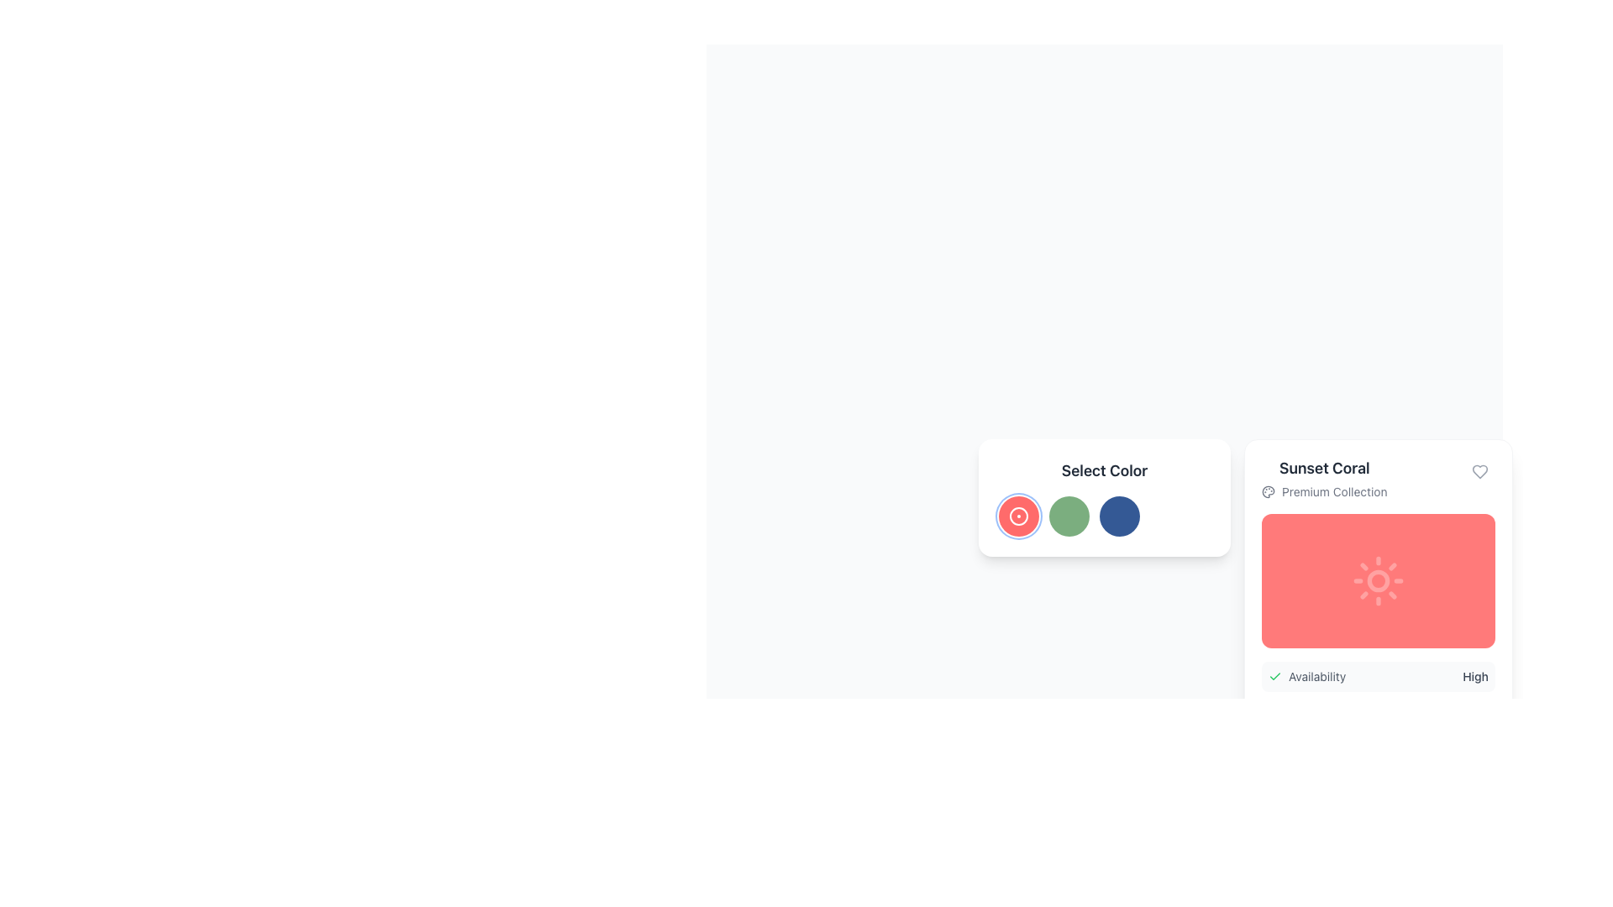 The width and height of the screenshot is (1613, 907). I want to click on the text label that indicates the purpose of the color selection options, which is centrally placed above the horizontal arrangement of colored circular buttons, so click(1105, 470).